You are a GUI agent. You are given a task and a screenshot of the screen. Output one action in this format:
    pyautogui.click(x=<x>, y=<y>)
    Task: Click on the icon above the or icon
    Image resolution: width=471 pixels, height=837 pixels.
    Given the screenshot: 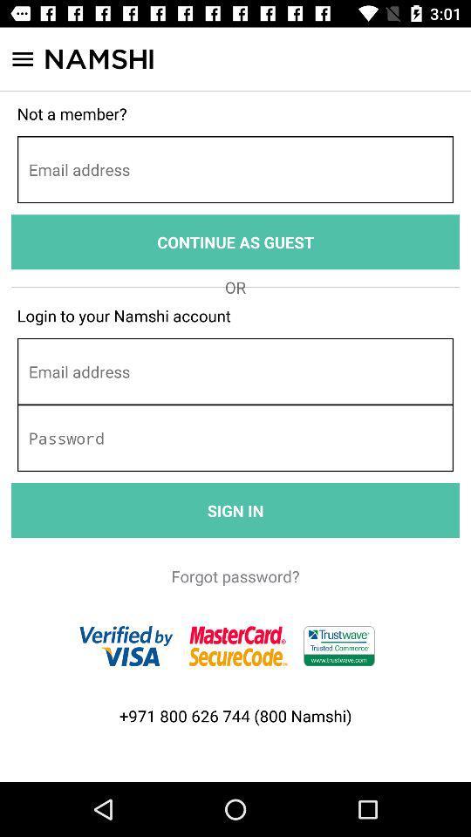 What is the action you would take?
    pyautogui.click(x=235, y=241)
    